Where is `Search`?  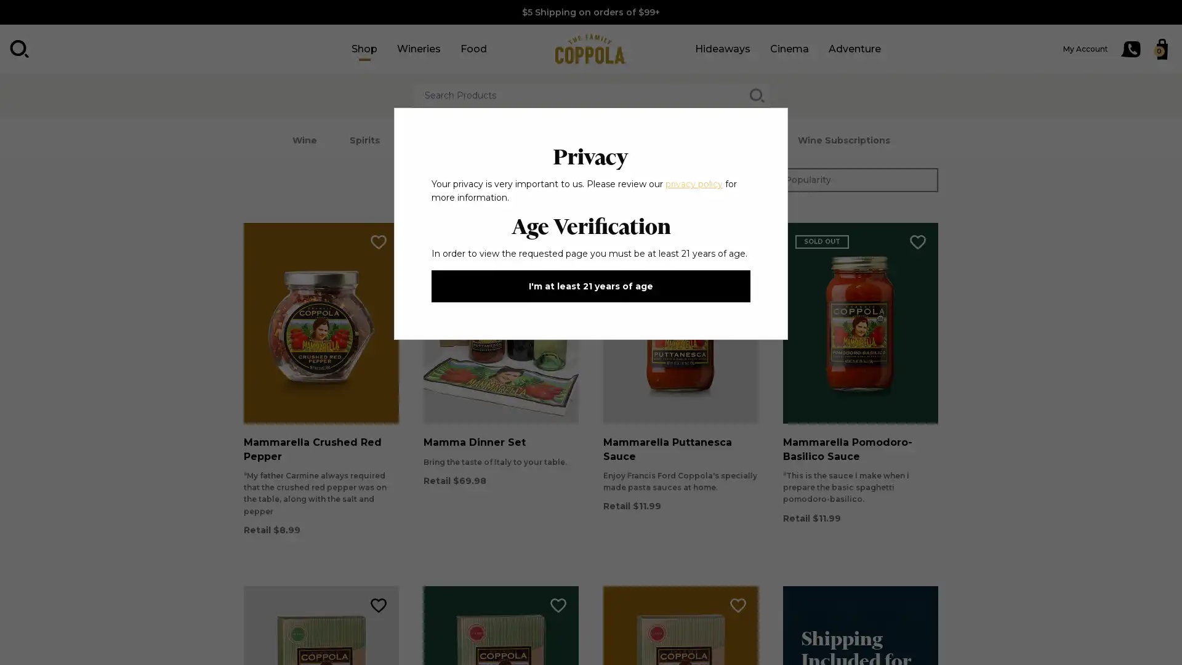 Search is located at coordinates (756, 95).